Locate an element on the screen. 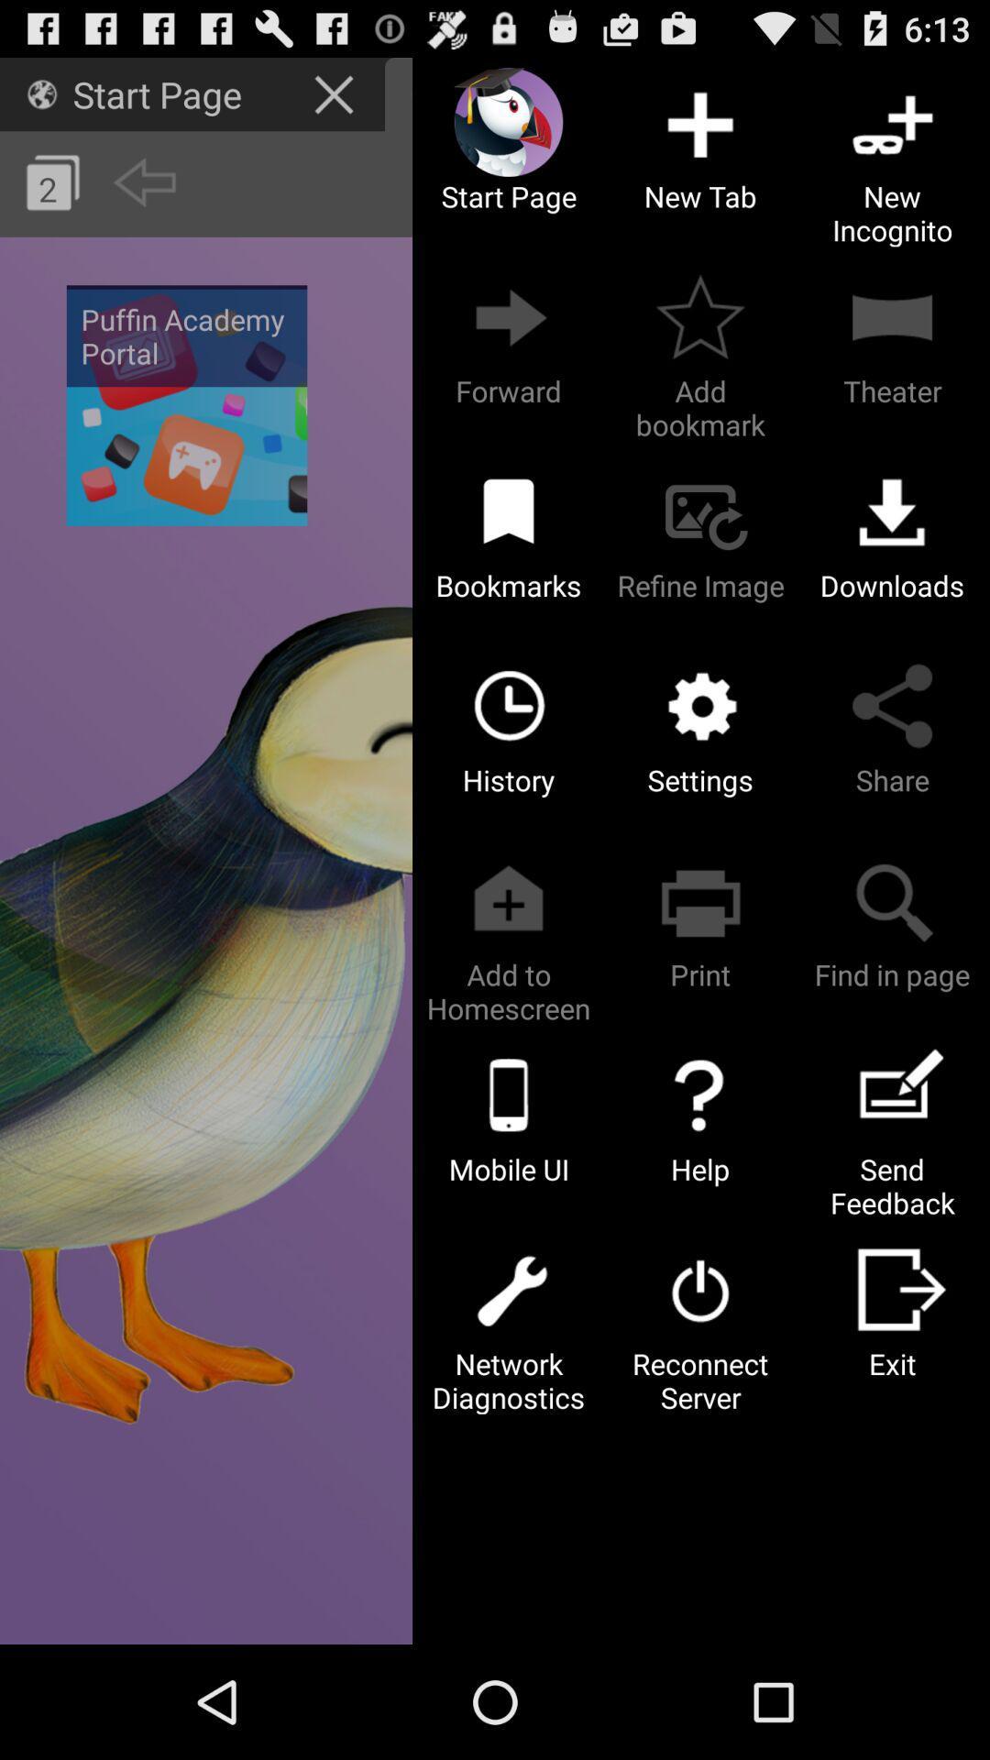  the setting icon above network diagnostics is located at coordinates (509, 1288).